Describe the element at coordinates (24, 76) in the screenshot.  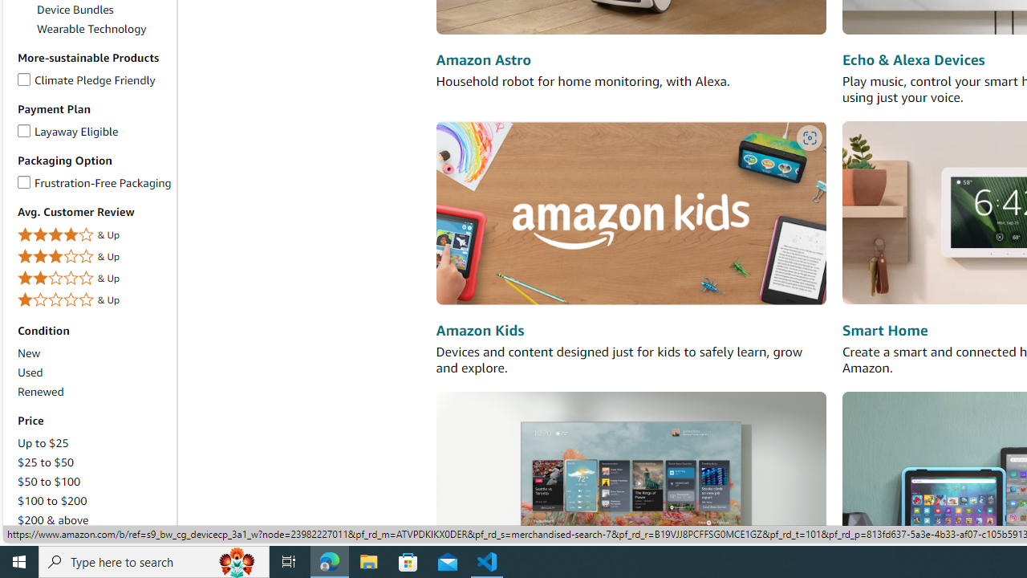
I see `'Climate Pledge Friendly'` at that location.